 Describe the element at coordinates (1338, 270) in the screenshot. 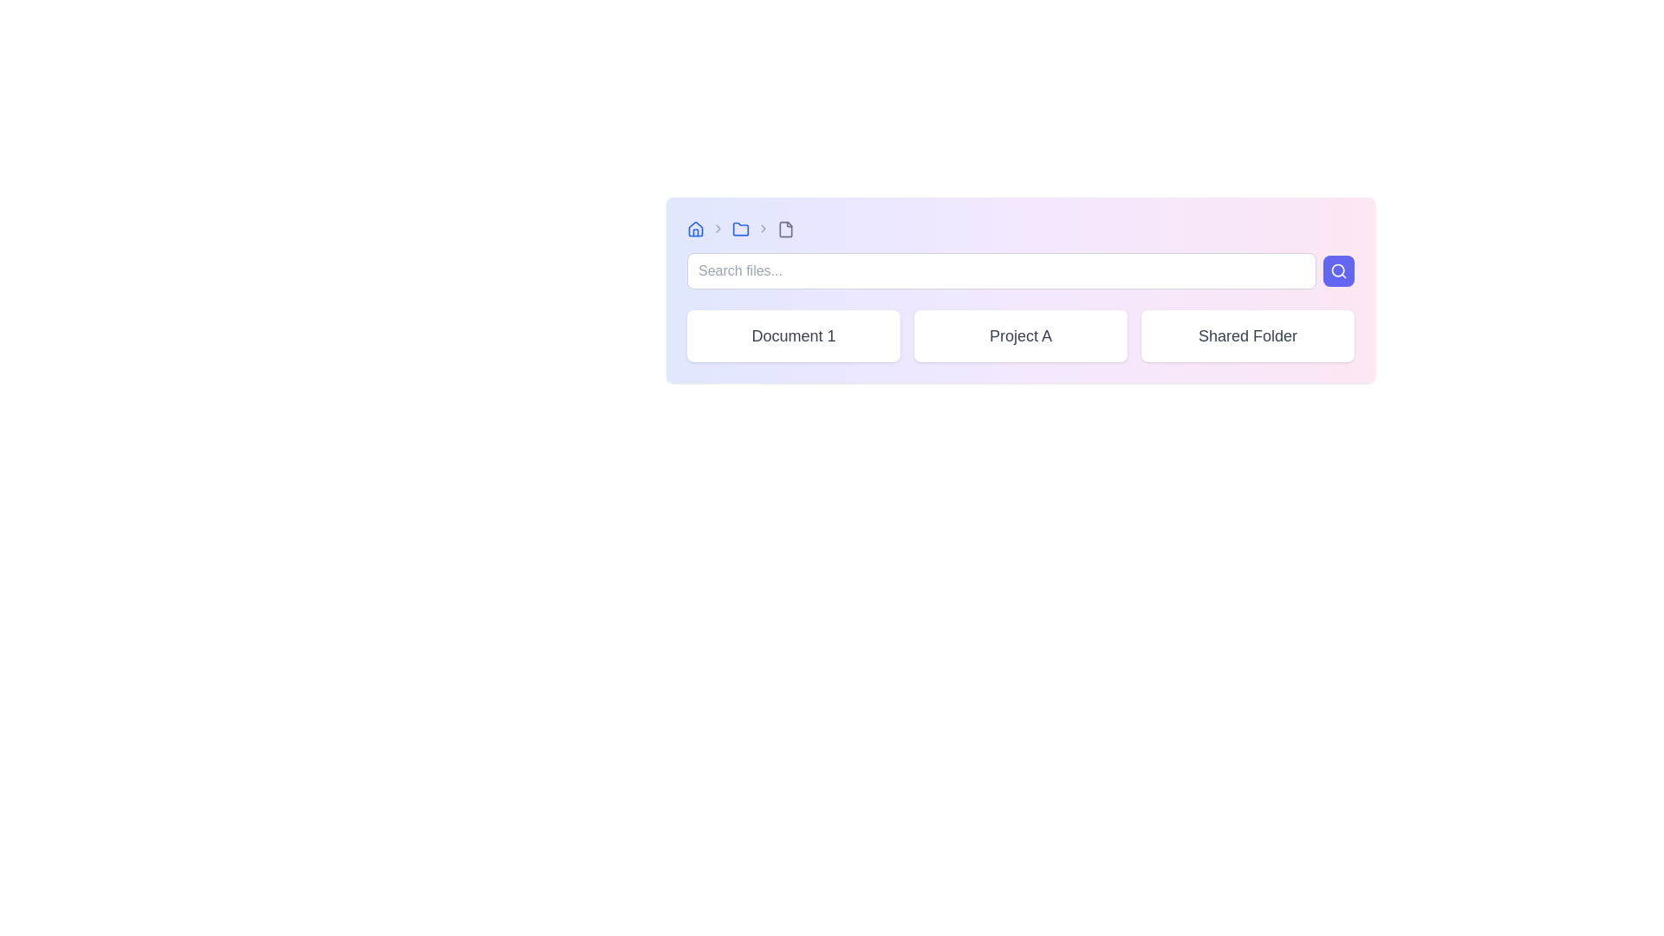

I see `the circular magnifying glass icon within the purple button at the far right of the search bar to initiate the search` at that location.